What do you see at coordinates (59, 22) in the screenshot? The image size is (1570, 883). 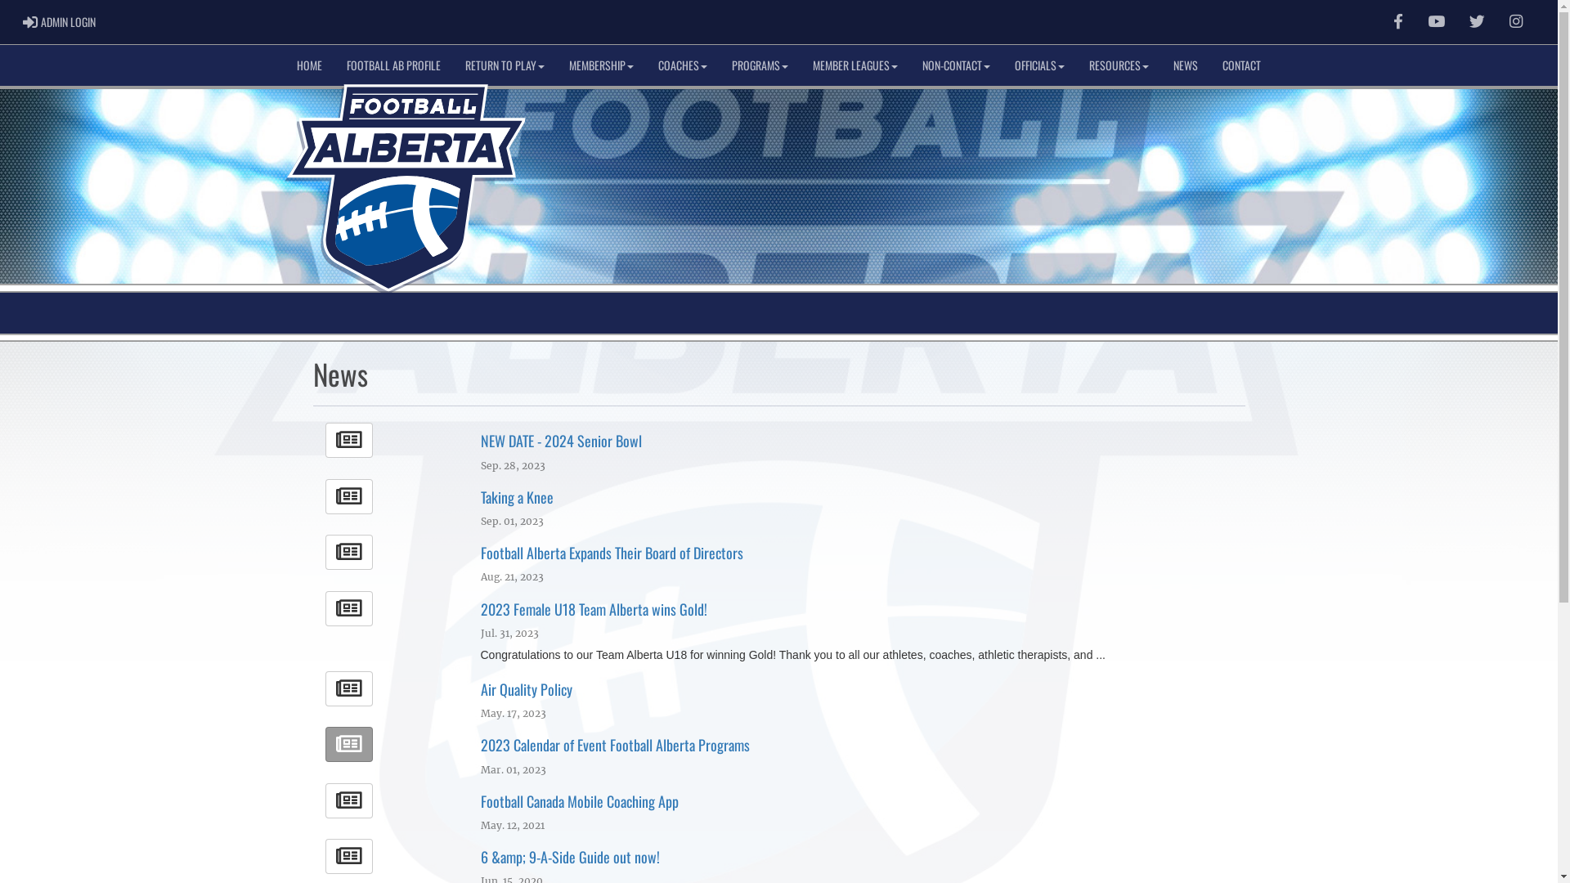 I see `'LOGIN PAGE` at bounding box center [59, 22].